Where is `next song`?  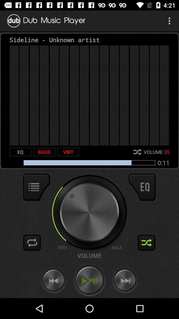
next song is located at coordinates (125, 280).